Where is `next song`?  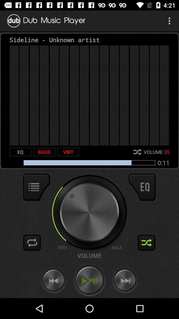
next song is located at coordinates (125, 280).